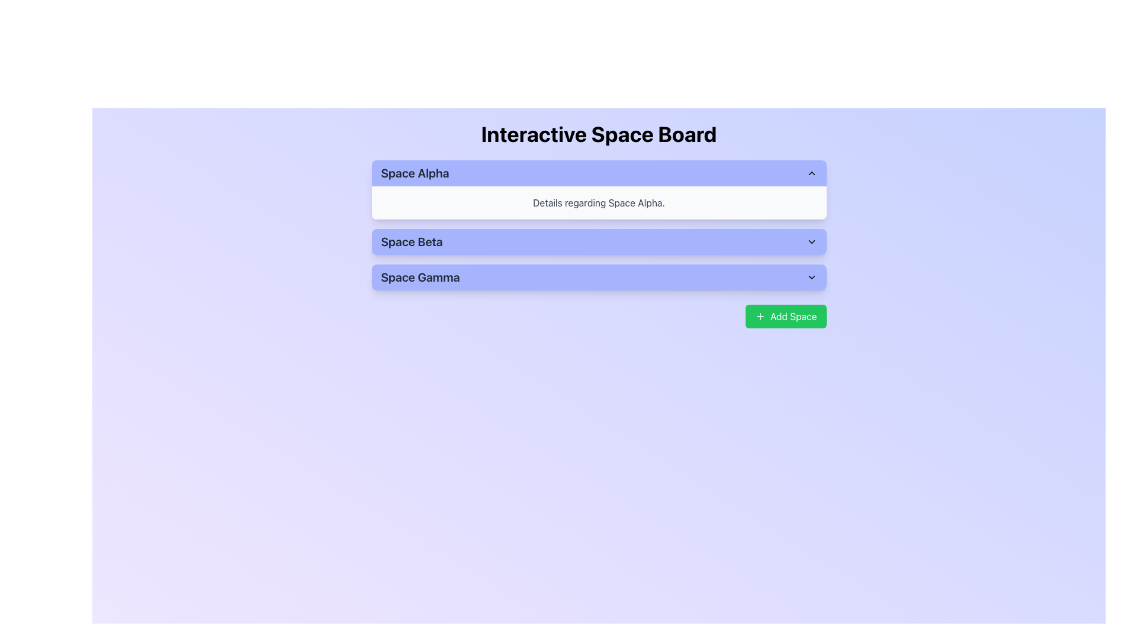  Describe the element at coordinates (599, 225) in the screenshot. I see `the first section labeled 'Space Alpha' of the Collapsible Panel titled 'Interactive Space Board'` at that location.